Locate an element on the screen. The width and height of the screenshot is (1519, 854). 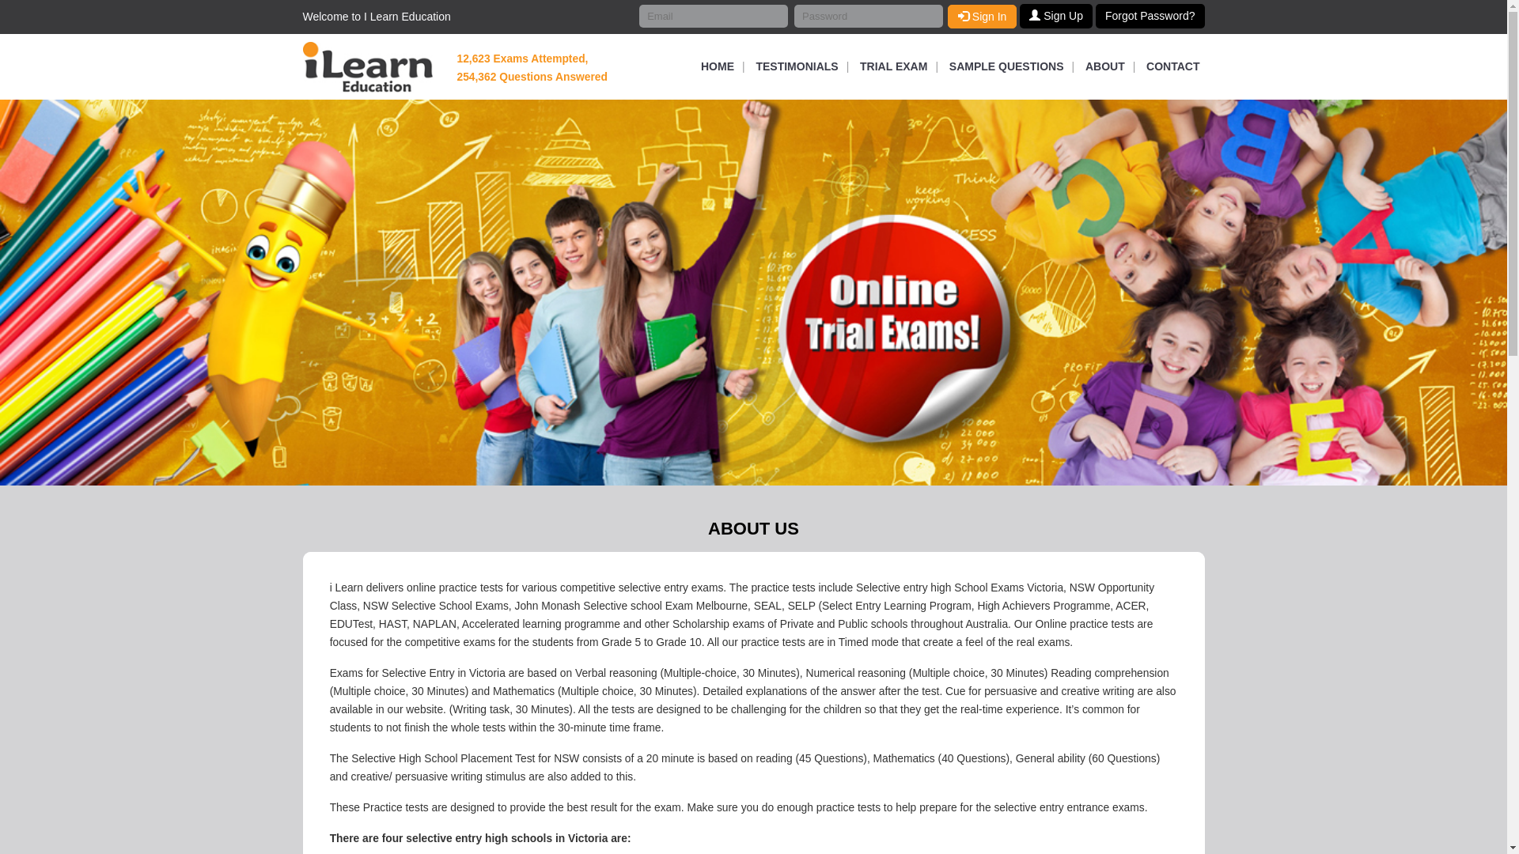
'TESTIMONIALS' is located at coordinates (797, 66).